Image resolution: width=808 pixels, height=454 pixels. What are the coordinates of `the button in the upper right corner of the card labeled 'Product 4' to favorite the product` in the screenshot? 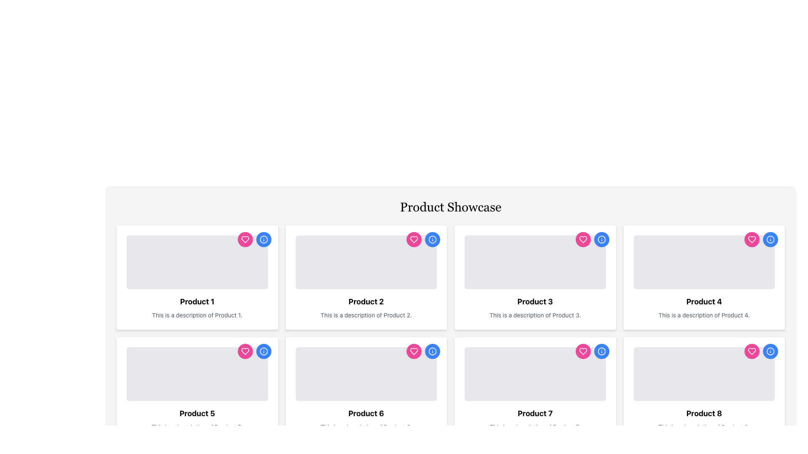 It's located at (752, 240).